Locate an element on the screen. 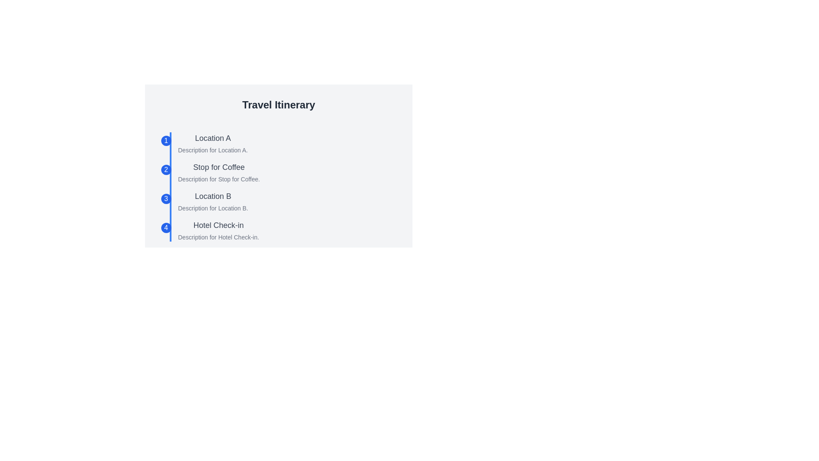  the static informational text label reading 'Description for Hotel Check-in', which is styled in a smaller, light gray font and positioned below the bolded title 'Hotel Check-in' in the travel itinerary is located at coordinates (218, 237).